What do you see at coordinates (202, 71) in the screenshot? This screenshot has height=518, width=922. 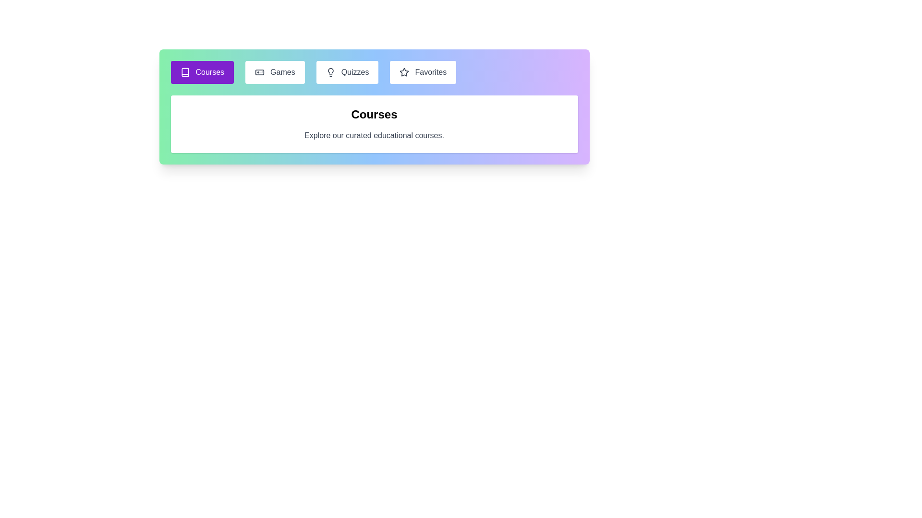 I see `the tab labeled Courses` at bounding box center [202, 71].